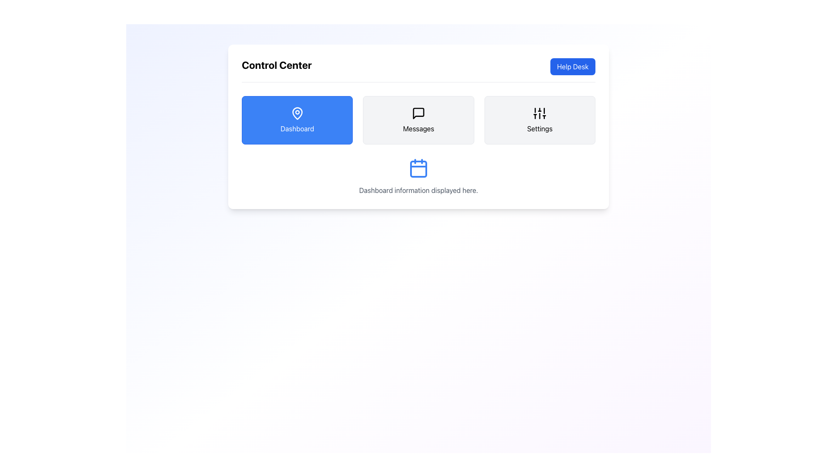 Image resolution: width=816 pixels, height=459 pixels. I want to click on the navigation buttons in the Control Center section, so click(418, 120).